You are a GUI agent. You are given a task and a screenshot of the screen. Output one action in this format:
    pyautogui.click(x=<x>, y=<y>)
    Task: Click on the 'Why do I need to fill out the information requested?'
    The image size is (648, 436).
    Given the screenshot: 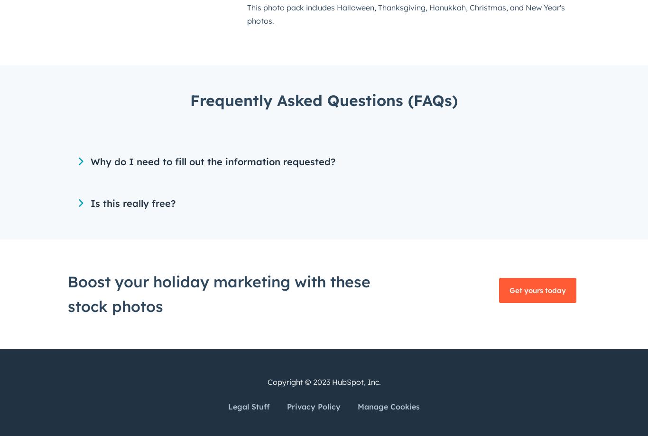 What is the action you would take?
    pyautogui.click(x=213, y=161)
    